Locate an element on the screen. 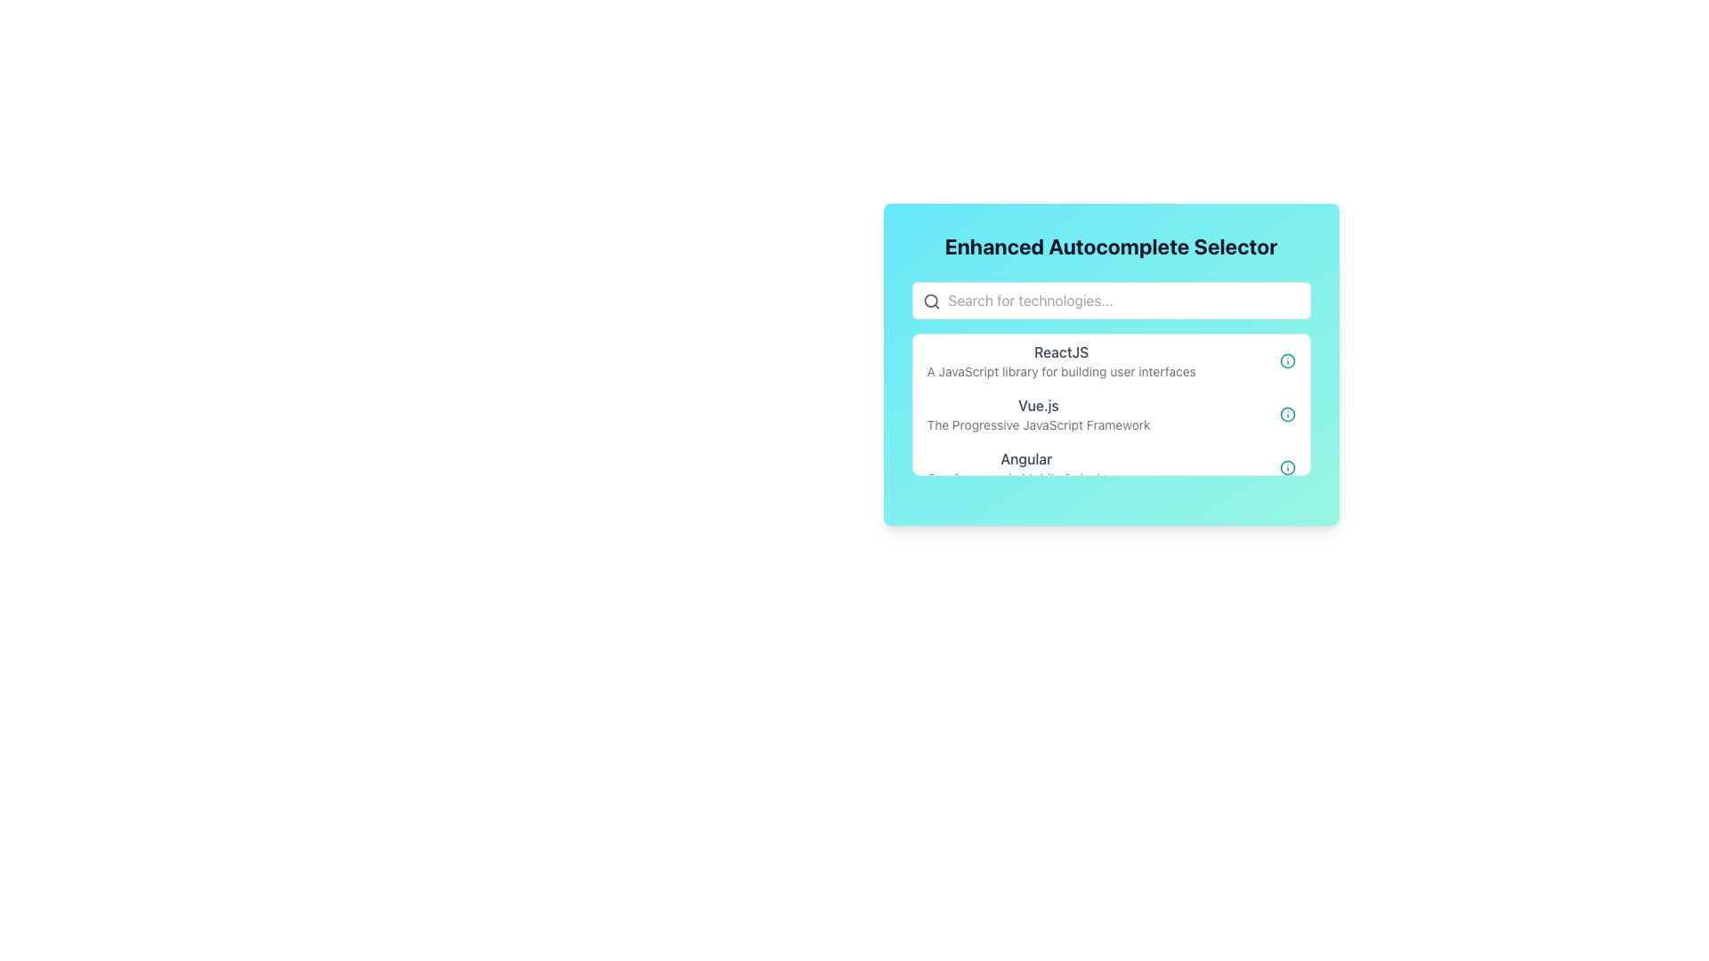  the Text Block element containing the heading 'Vue.js' and the subtitle 'The Progressive JavaScript Framework' in the dropdown menu is located at coordinates (1038, 415).